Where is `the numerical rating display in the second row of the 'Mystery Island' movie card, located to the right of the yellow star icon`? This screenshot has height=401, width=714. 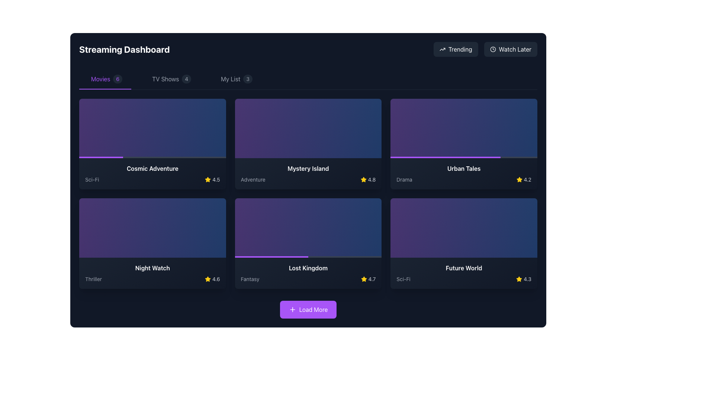 the numerical rating display in the second row of the 'Mystery Island' movie card, located to the right of the yellow star icon is located at coordinates (372, 179).